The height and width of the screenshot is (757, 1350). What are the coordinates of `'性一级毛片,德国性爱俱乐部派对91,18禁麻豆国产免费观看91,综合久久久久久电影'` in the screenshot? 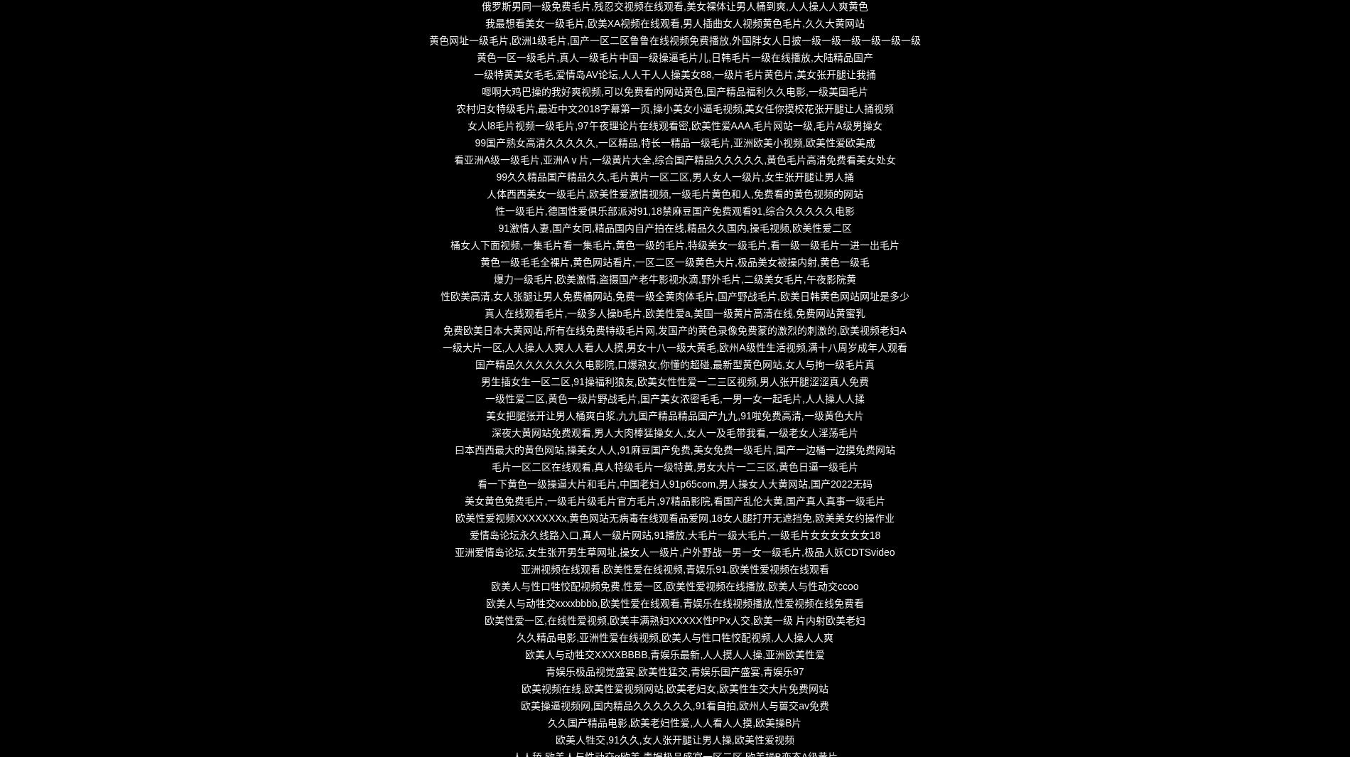 It's located at (674, 210).